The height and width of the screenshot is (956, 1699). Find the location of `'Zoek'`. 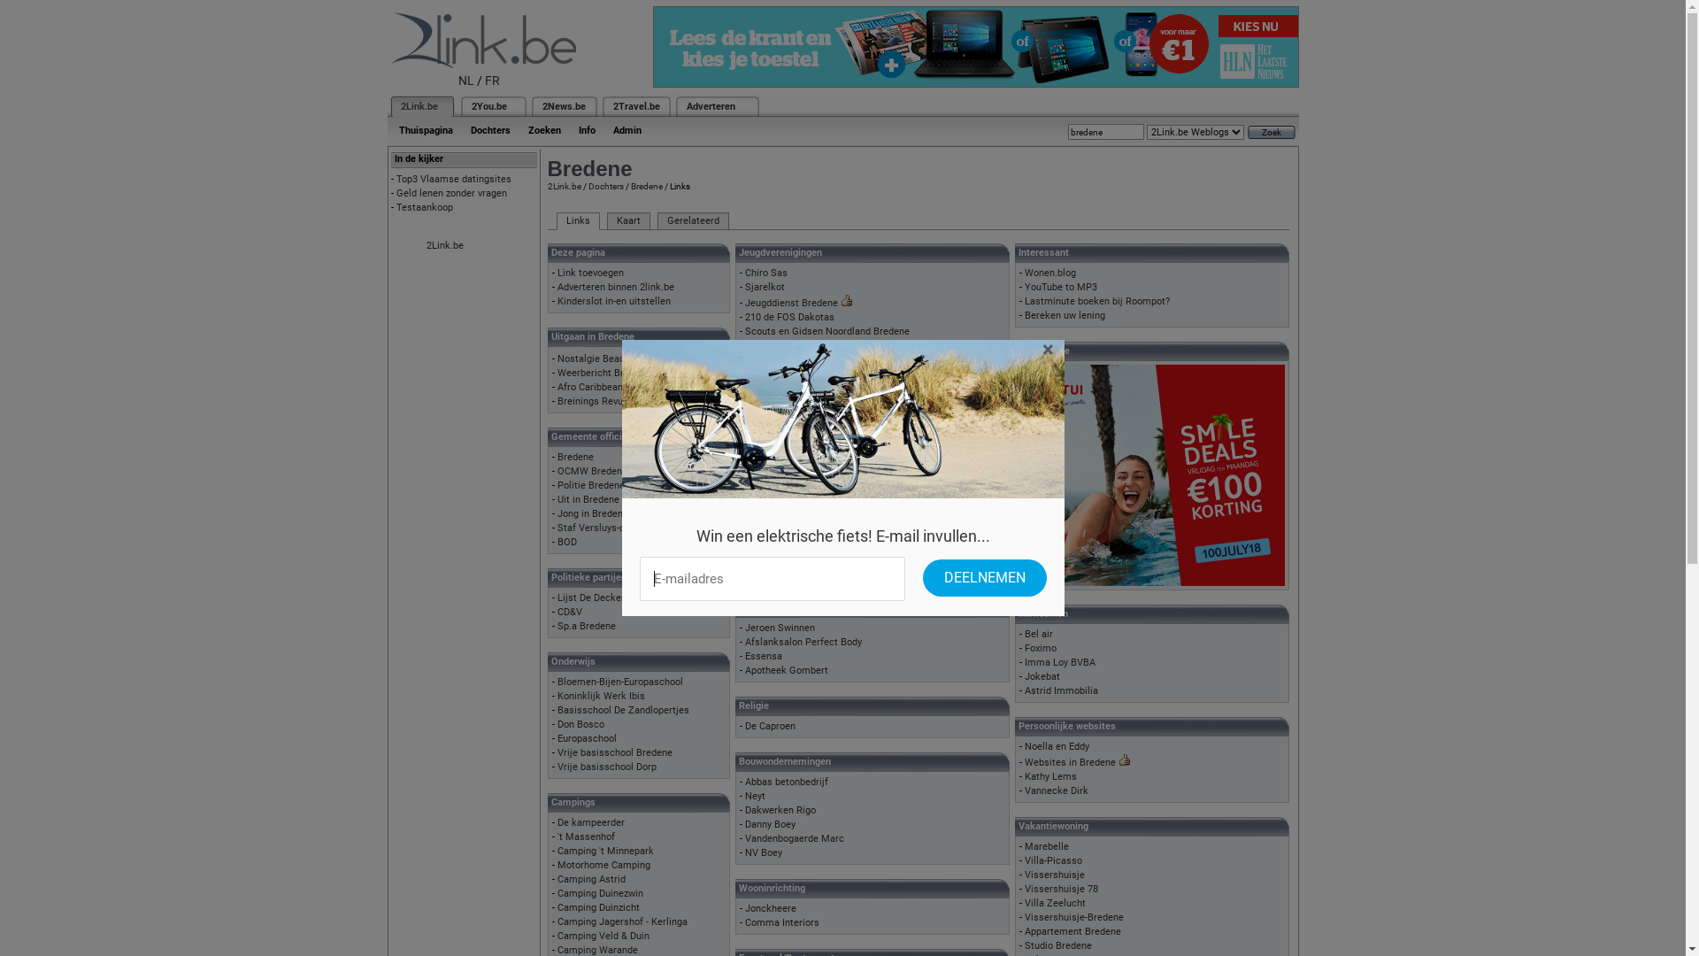

'Zoek' is located at coordinates (1270, 131).